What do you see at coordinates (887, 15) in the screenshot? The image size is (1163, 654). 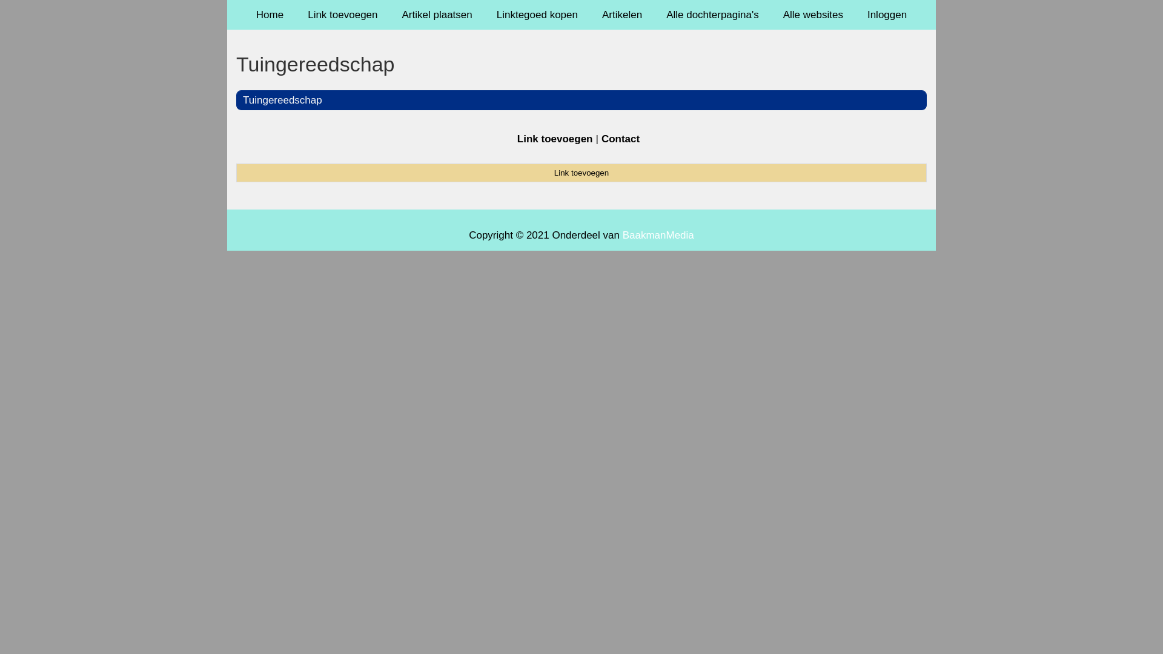 I see `'Inloggen'` at bounding box center [887, 15].